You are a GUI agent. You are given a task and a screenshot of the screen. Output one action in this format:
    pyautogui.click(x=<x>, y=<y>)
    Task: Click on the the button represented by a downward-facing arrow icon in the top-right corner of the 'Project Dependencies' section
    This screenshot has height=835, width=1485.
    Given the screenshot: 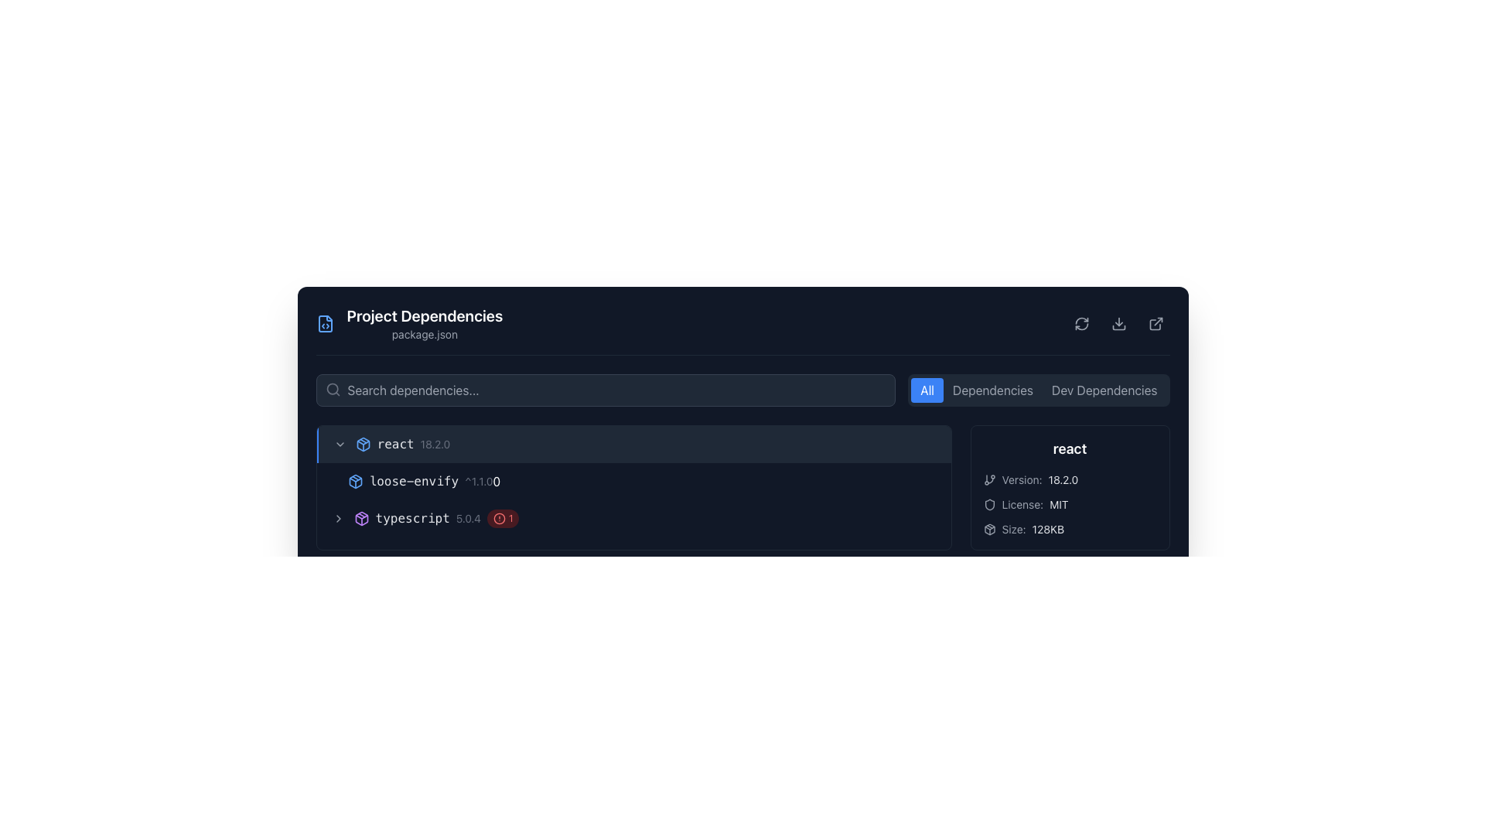 What is the action you would take?
    pyautogui.click(x=1118, y=323)
    